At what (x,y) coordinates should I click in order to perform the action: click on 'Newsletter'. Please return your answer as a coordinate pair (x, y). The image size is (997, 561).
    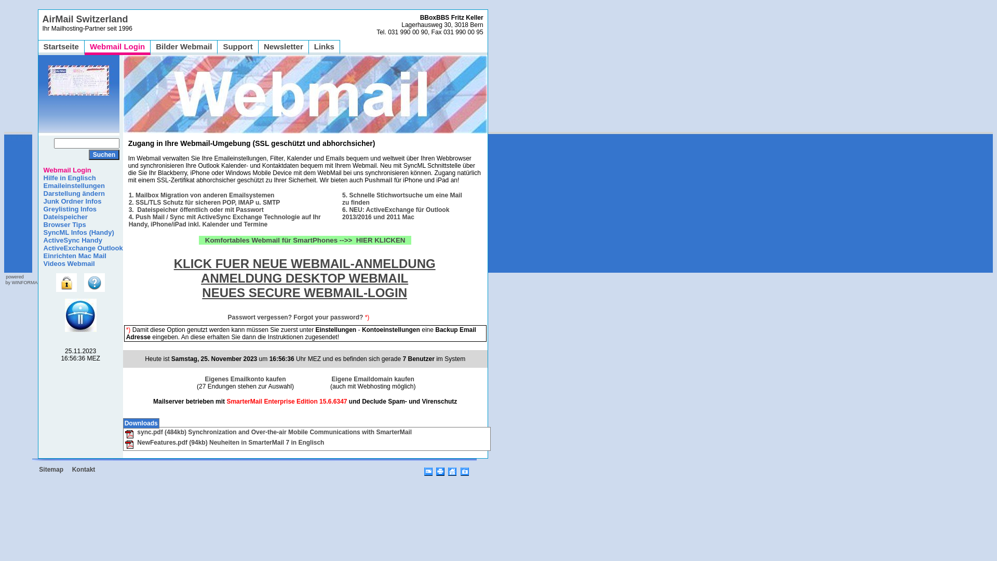
    Looking at the image, I should click on (284, 46).